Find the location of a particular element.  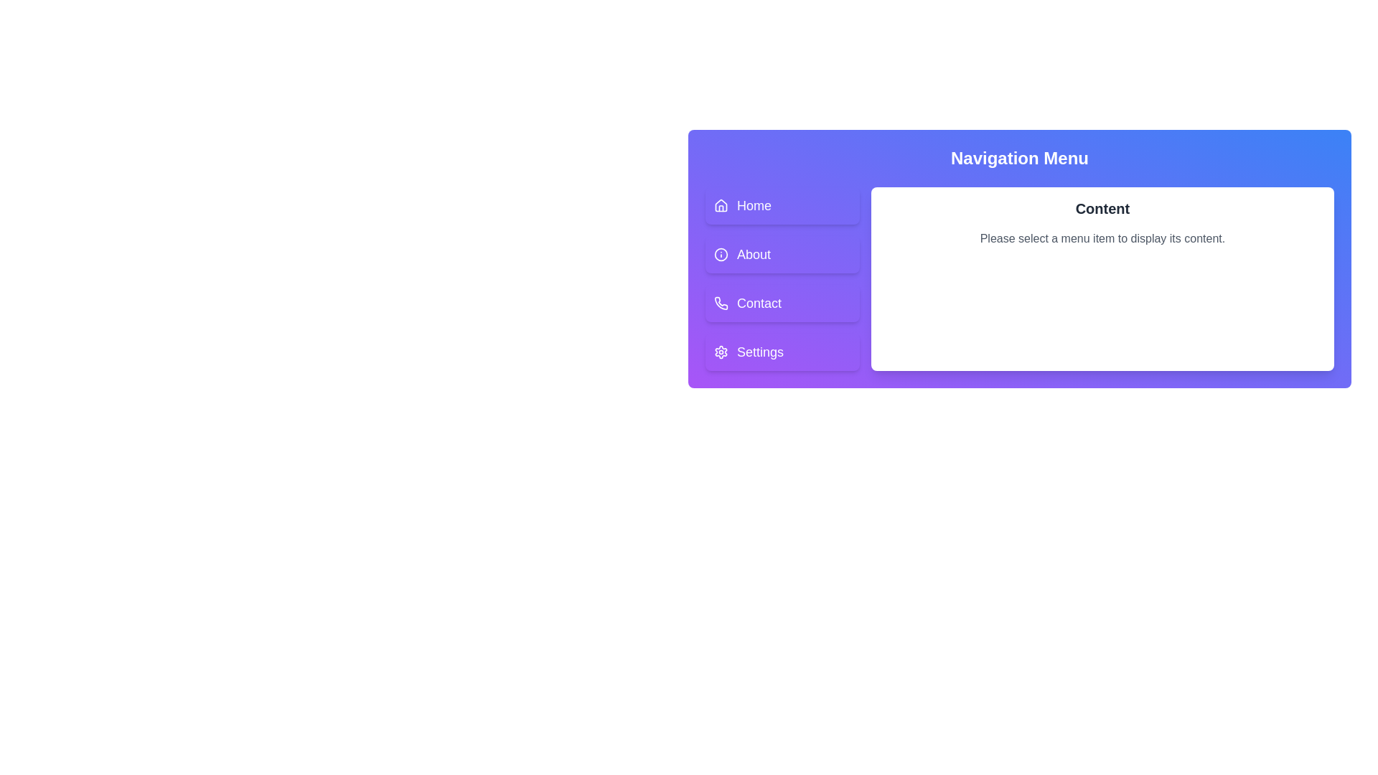

the 'Contact' text label in the vertical navigation menu, which indicates navigation to the Contact section, located between 'About' and 'Settings' is located at coordinates (759, 303).